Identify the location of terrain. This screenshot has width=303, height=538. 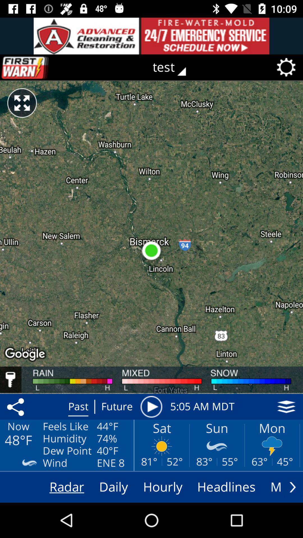
(286, 407).